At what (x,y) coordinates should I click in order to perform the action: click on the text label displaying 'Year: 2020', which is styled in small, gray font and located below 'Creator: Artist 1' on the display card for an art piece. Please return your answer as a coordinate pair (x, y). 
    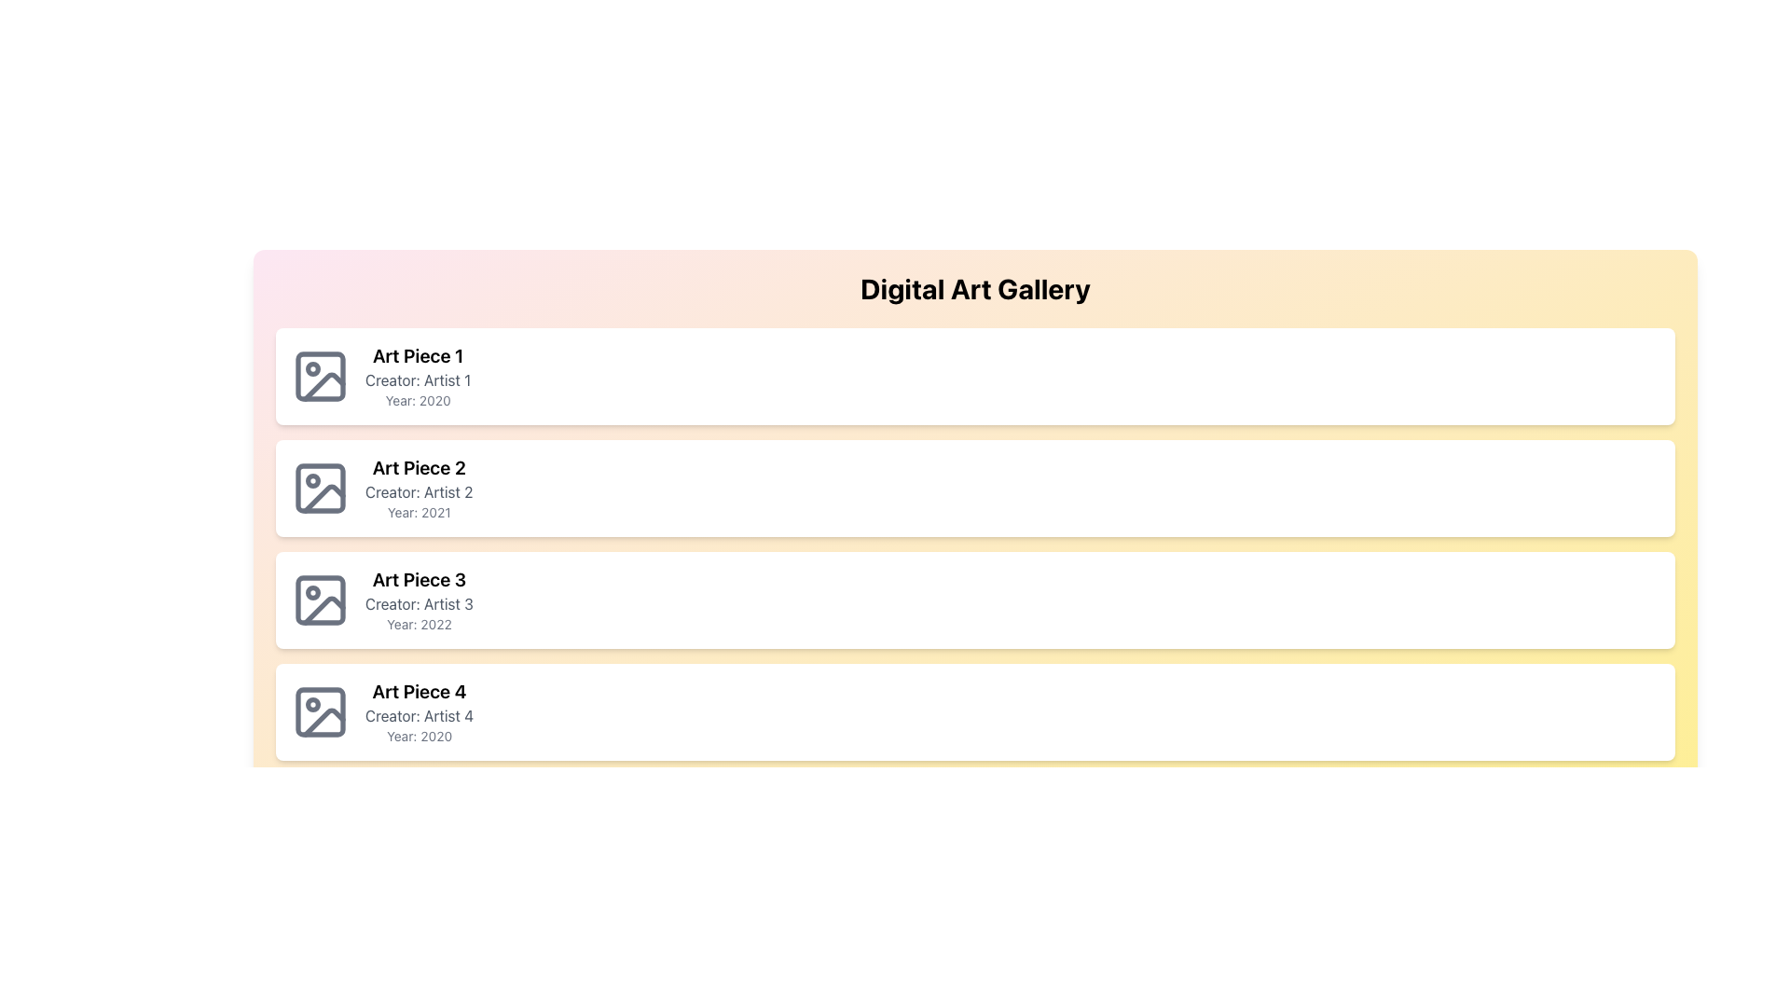
    Looking at the image, I should click on (417, 399).